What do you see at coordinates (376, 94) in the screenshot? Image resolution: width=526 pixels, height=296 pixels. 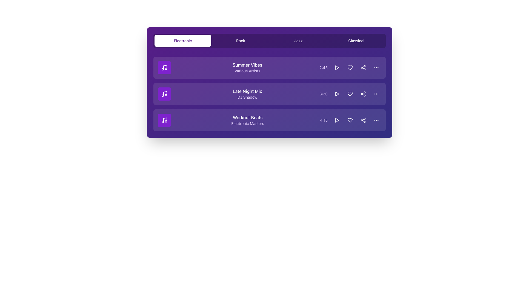 I see `the circular button with three vertically aligned white dots on a dark purple background, the fifth button in the row for 'Late Night Mix'` at bounding box center [376, 94].